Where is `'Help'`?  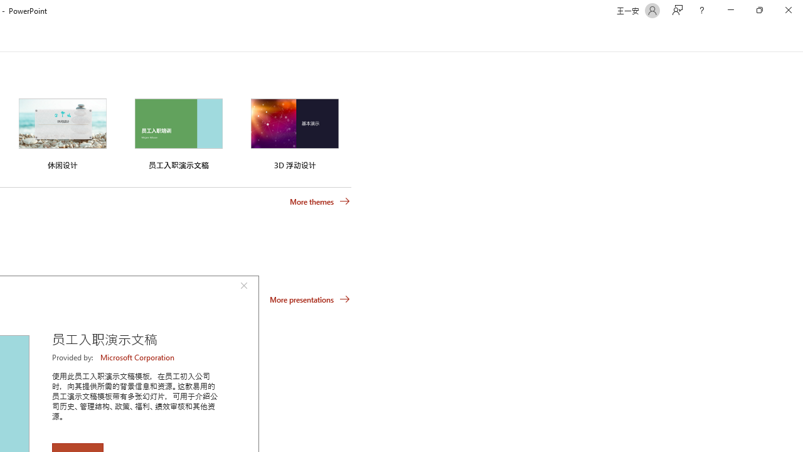
'Help' is located at coordinates (701, 10).